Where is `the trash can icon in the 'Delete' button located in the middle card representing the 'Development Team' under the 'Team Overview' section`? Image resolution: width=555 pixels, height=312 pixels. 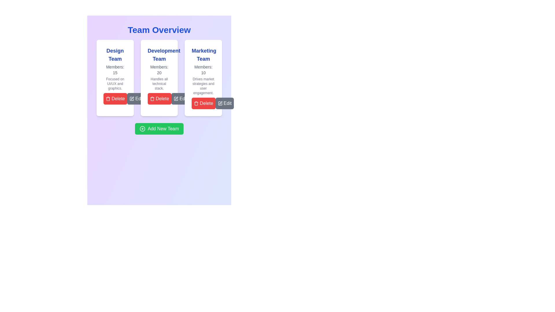
the trash can icon in the 'Delete' button located in the middle card representing the 'Development Team' under the 'Team Overview' section is located at coordinates (152, 99).